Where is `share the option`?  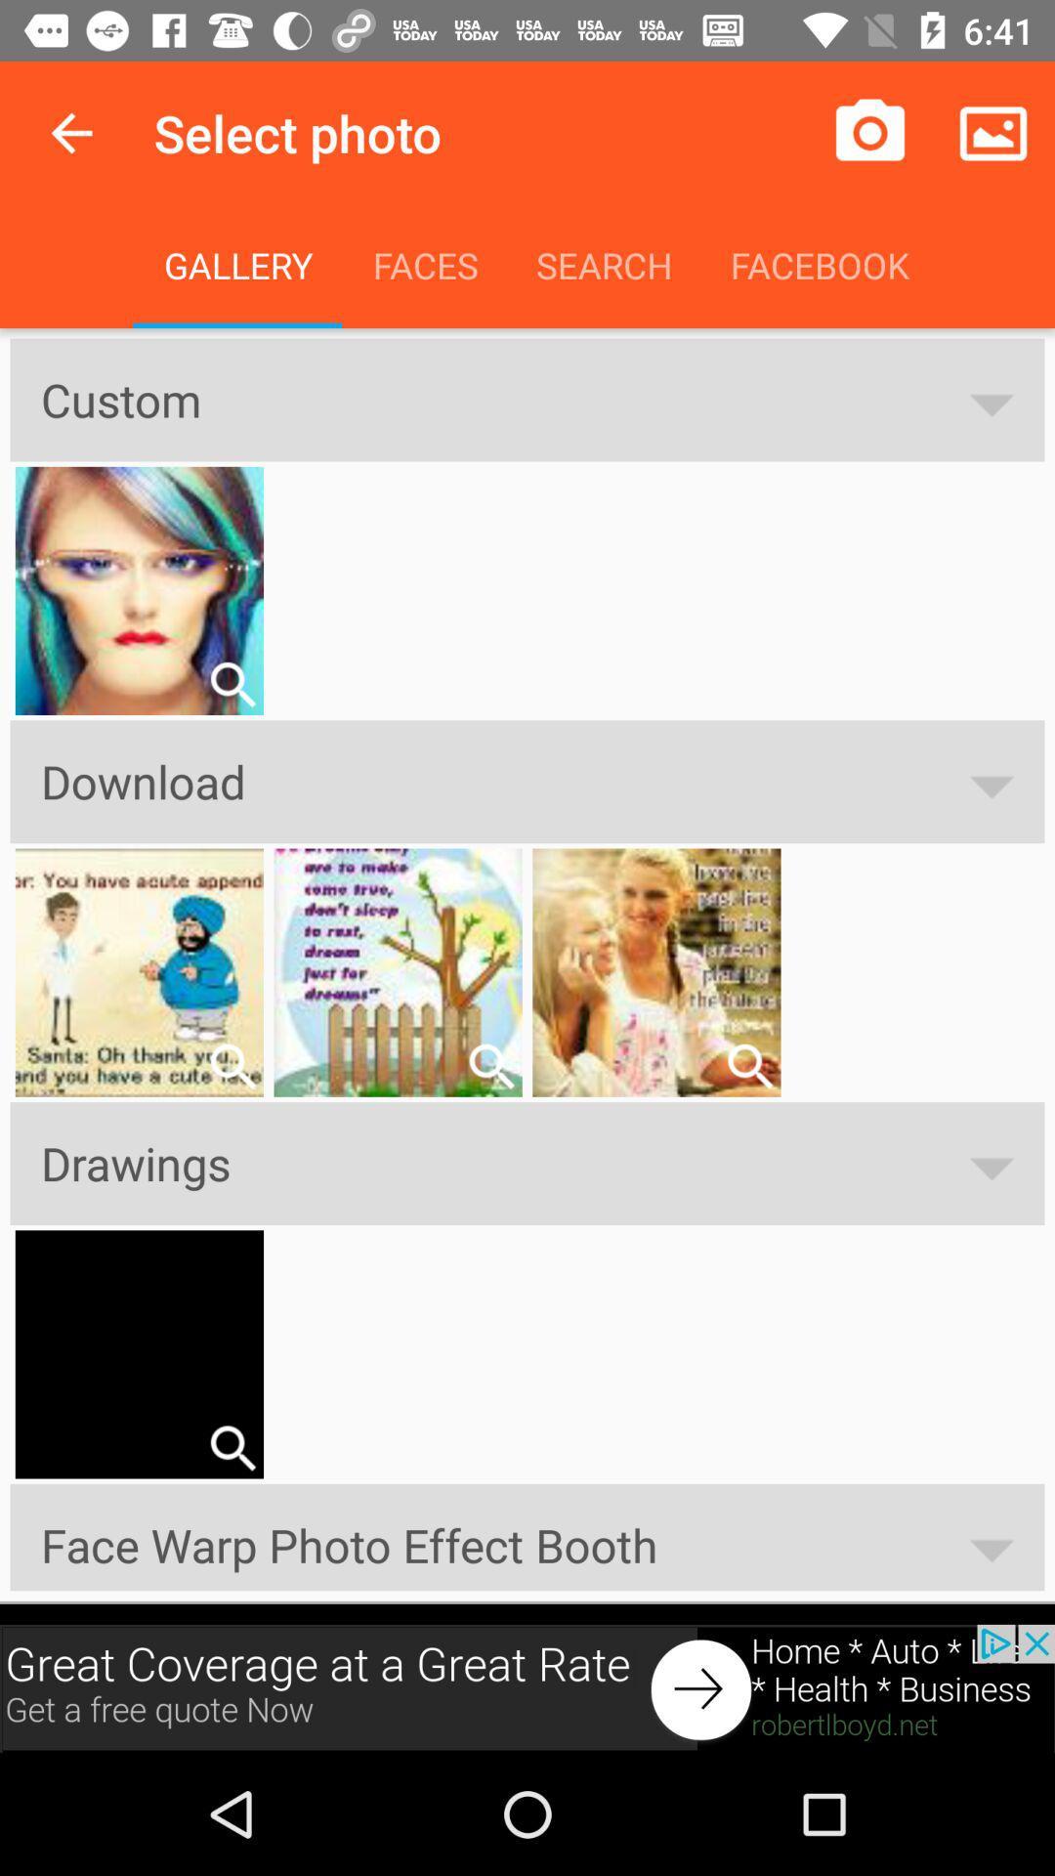
share the option is located at coordinates (232, 1448).